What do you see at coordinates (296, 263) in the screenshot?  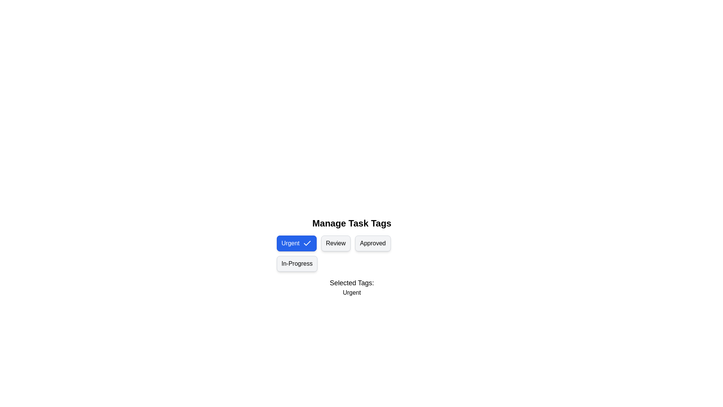 I see `the tag chip labeled In-Progress to toggle its selection state` at bounding box center [296, 263].